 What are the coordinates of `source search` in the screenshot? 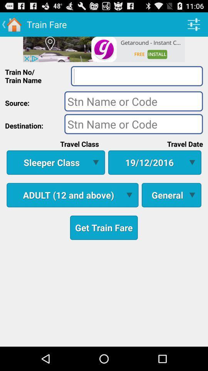 It's located at (133, 100).